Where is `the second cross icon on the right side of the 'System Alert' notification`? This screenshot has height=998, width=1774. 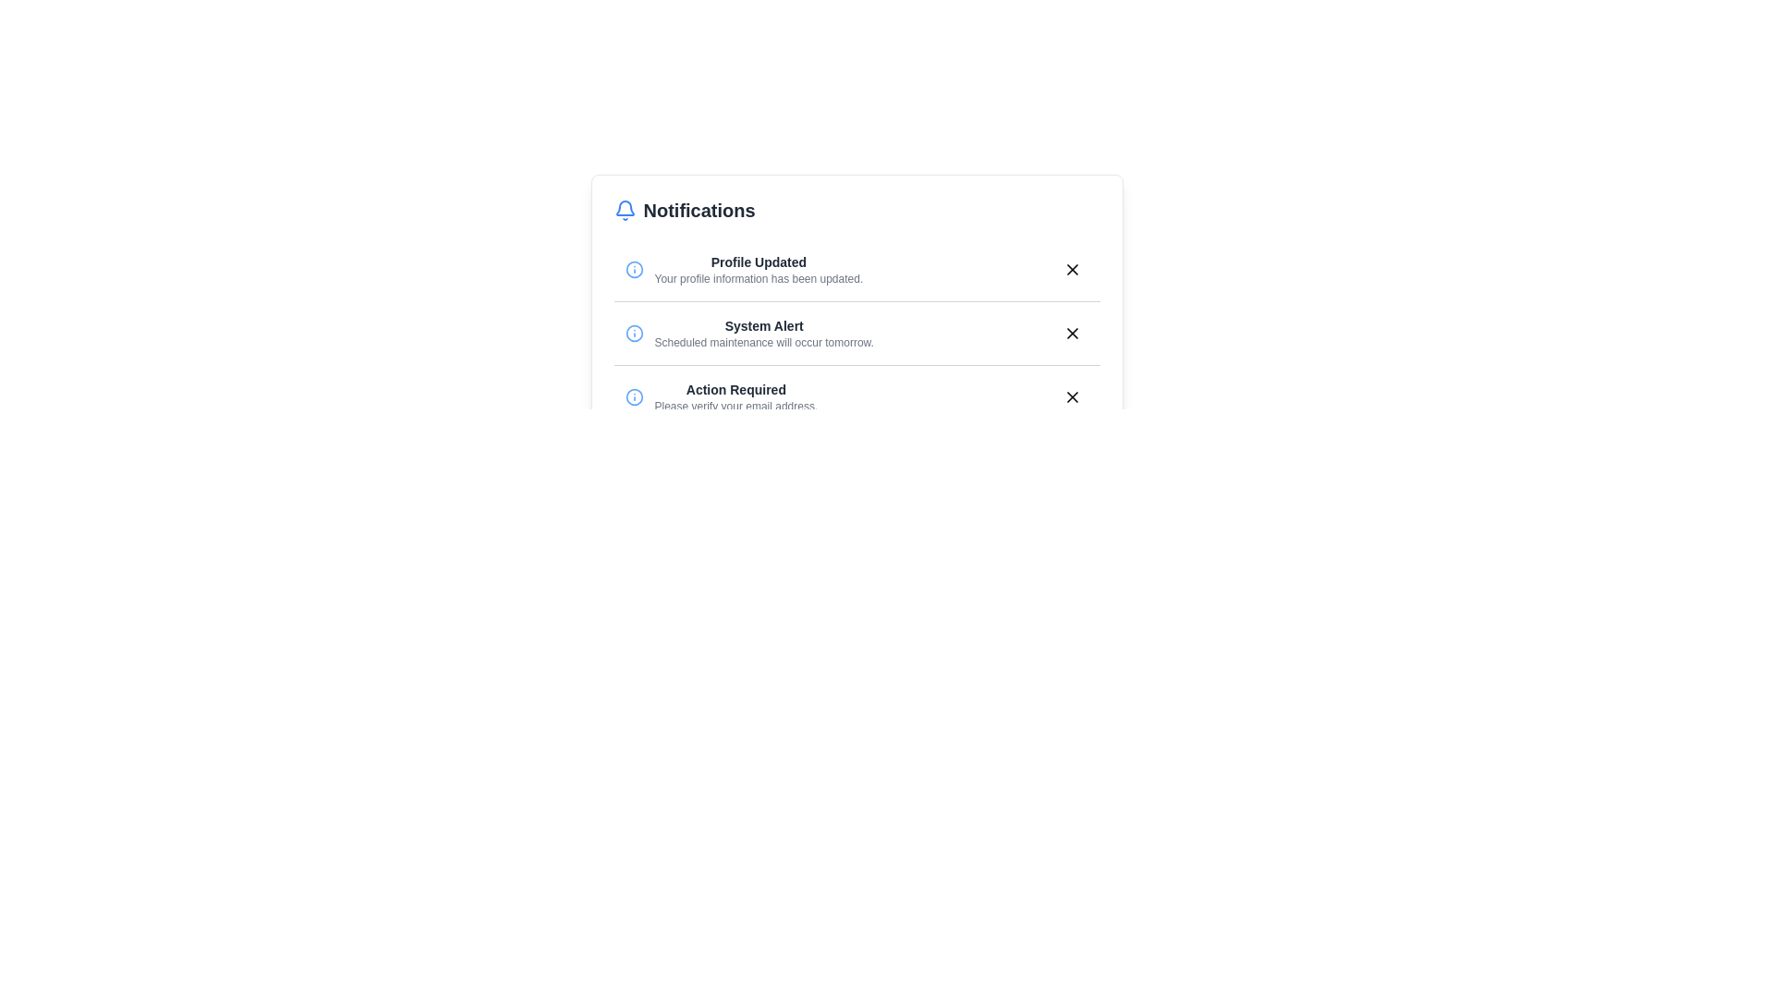 the second cross icon on the right side of the 'System Alert' notification is located at coordinates (1072, 334).